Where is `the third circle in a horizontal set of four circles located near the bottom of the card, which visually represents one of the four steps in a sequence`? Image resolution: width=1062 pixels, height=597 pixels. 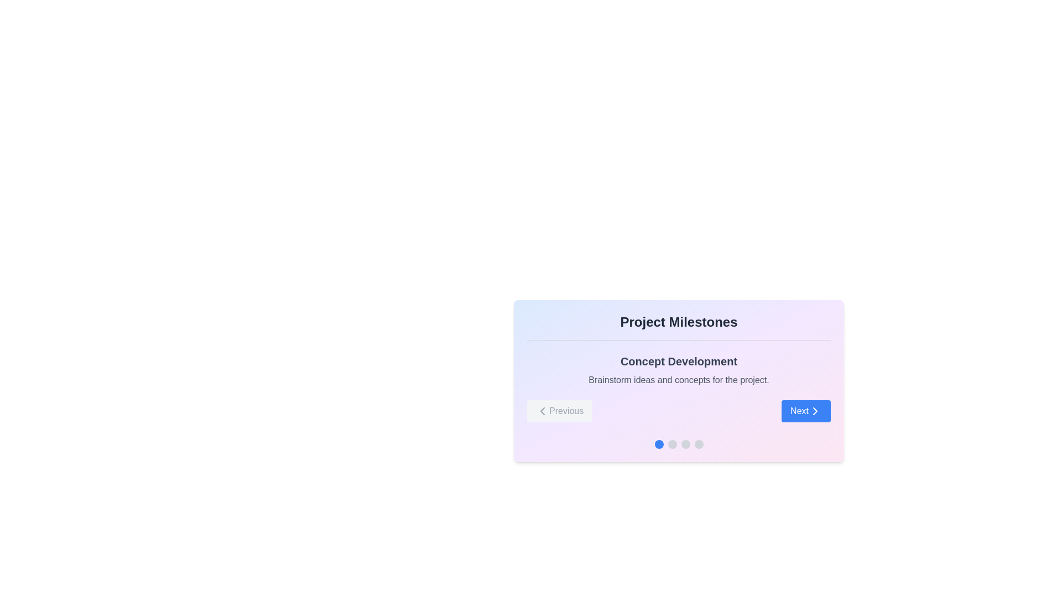
the third circle in a horizontal set of four circles located near the bottom of the card, which visually represents one of the four steps in a sequence is located at coordinates (685, 443).